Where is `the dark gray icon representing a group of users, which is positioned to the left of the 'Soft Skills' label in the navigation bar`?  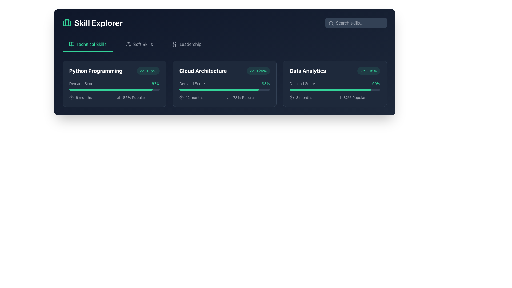
the dark gray icon representing a group of users, which is positioned to the left of the 'Soft Skills' label in the navigation bar is located at coordinates (128, 44).